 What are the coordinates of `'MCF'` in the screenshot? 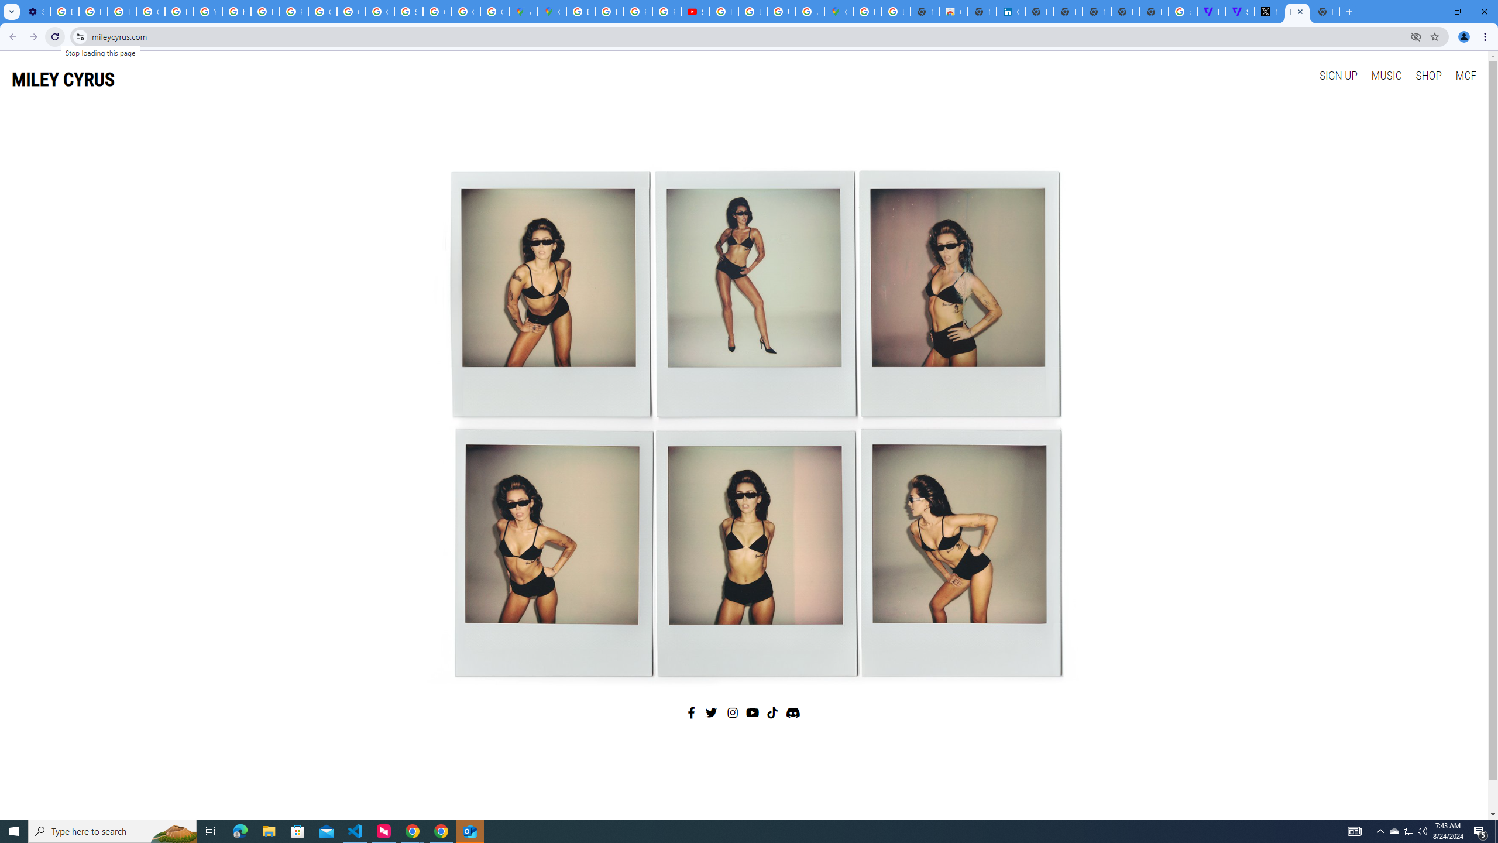 It's located at (1465, 74).